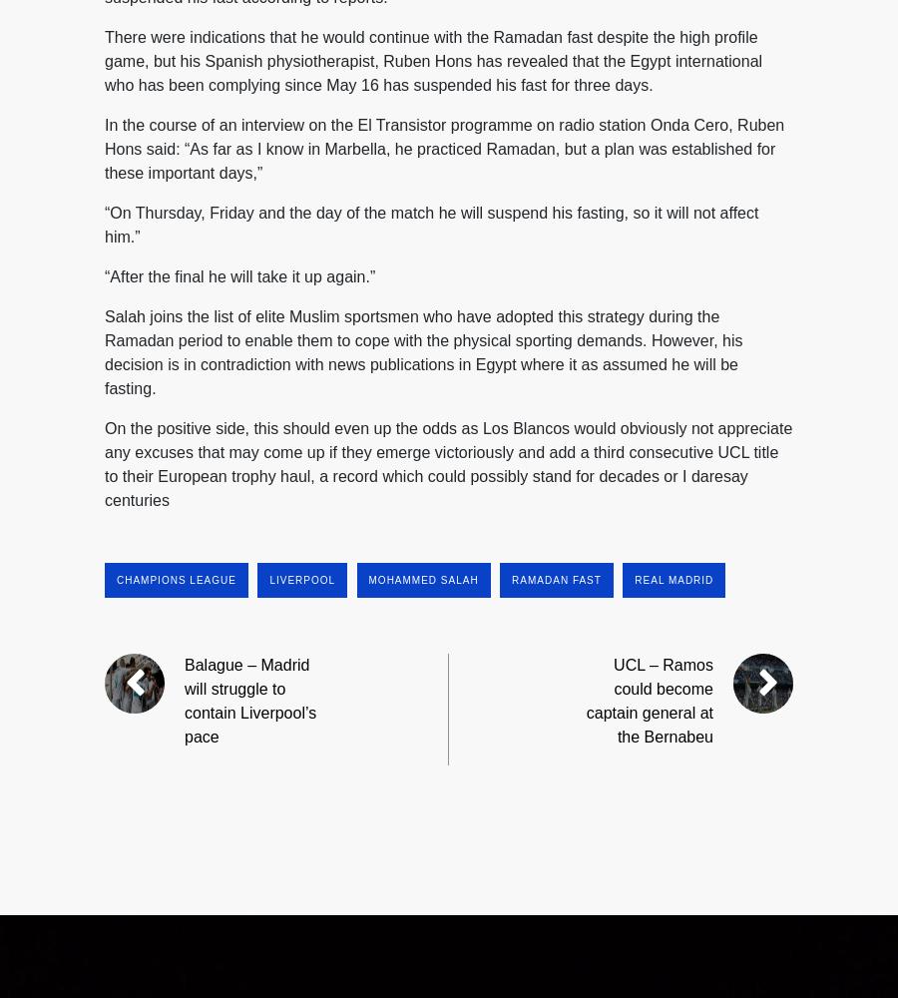 This screenshot has height=998, width=898. I want to click on 'liverpool', so click(301, 578).